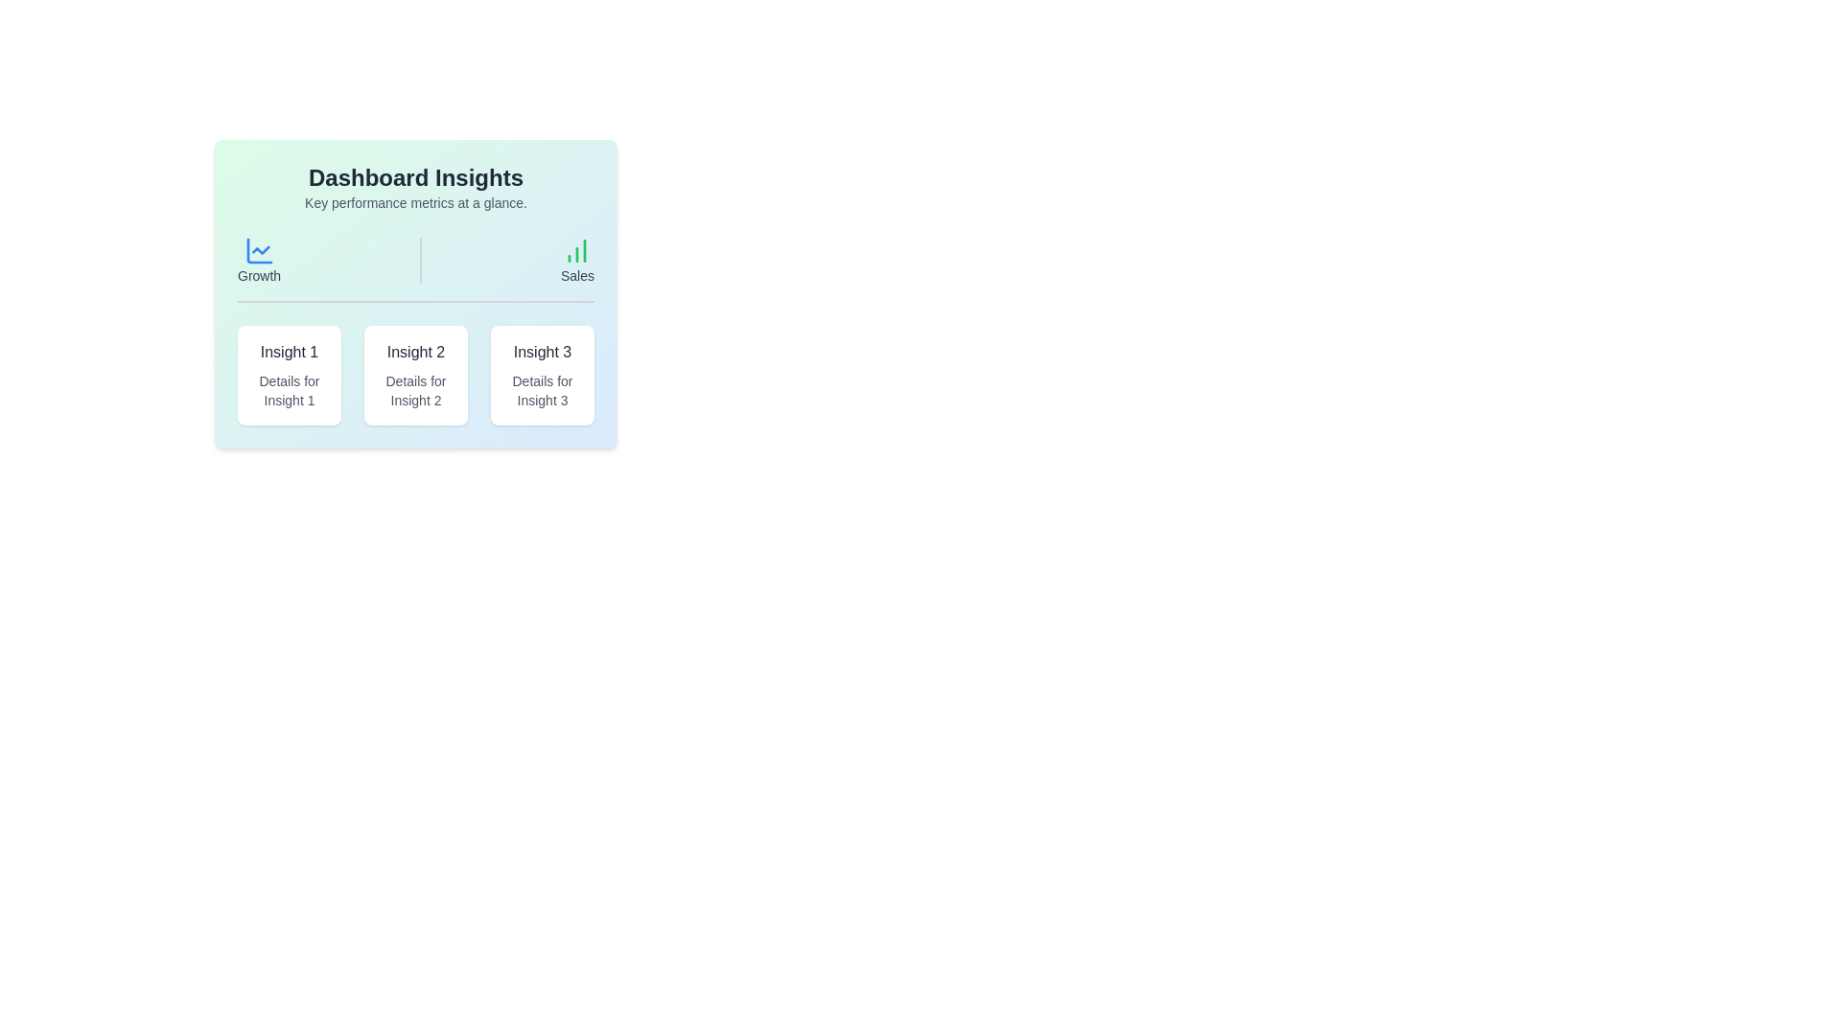  I want to click on the text label that displays 'Insight 1', so click(289, 352).